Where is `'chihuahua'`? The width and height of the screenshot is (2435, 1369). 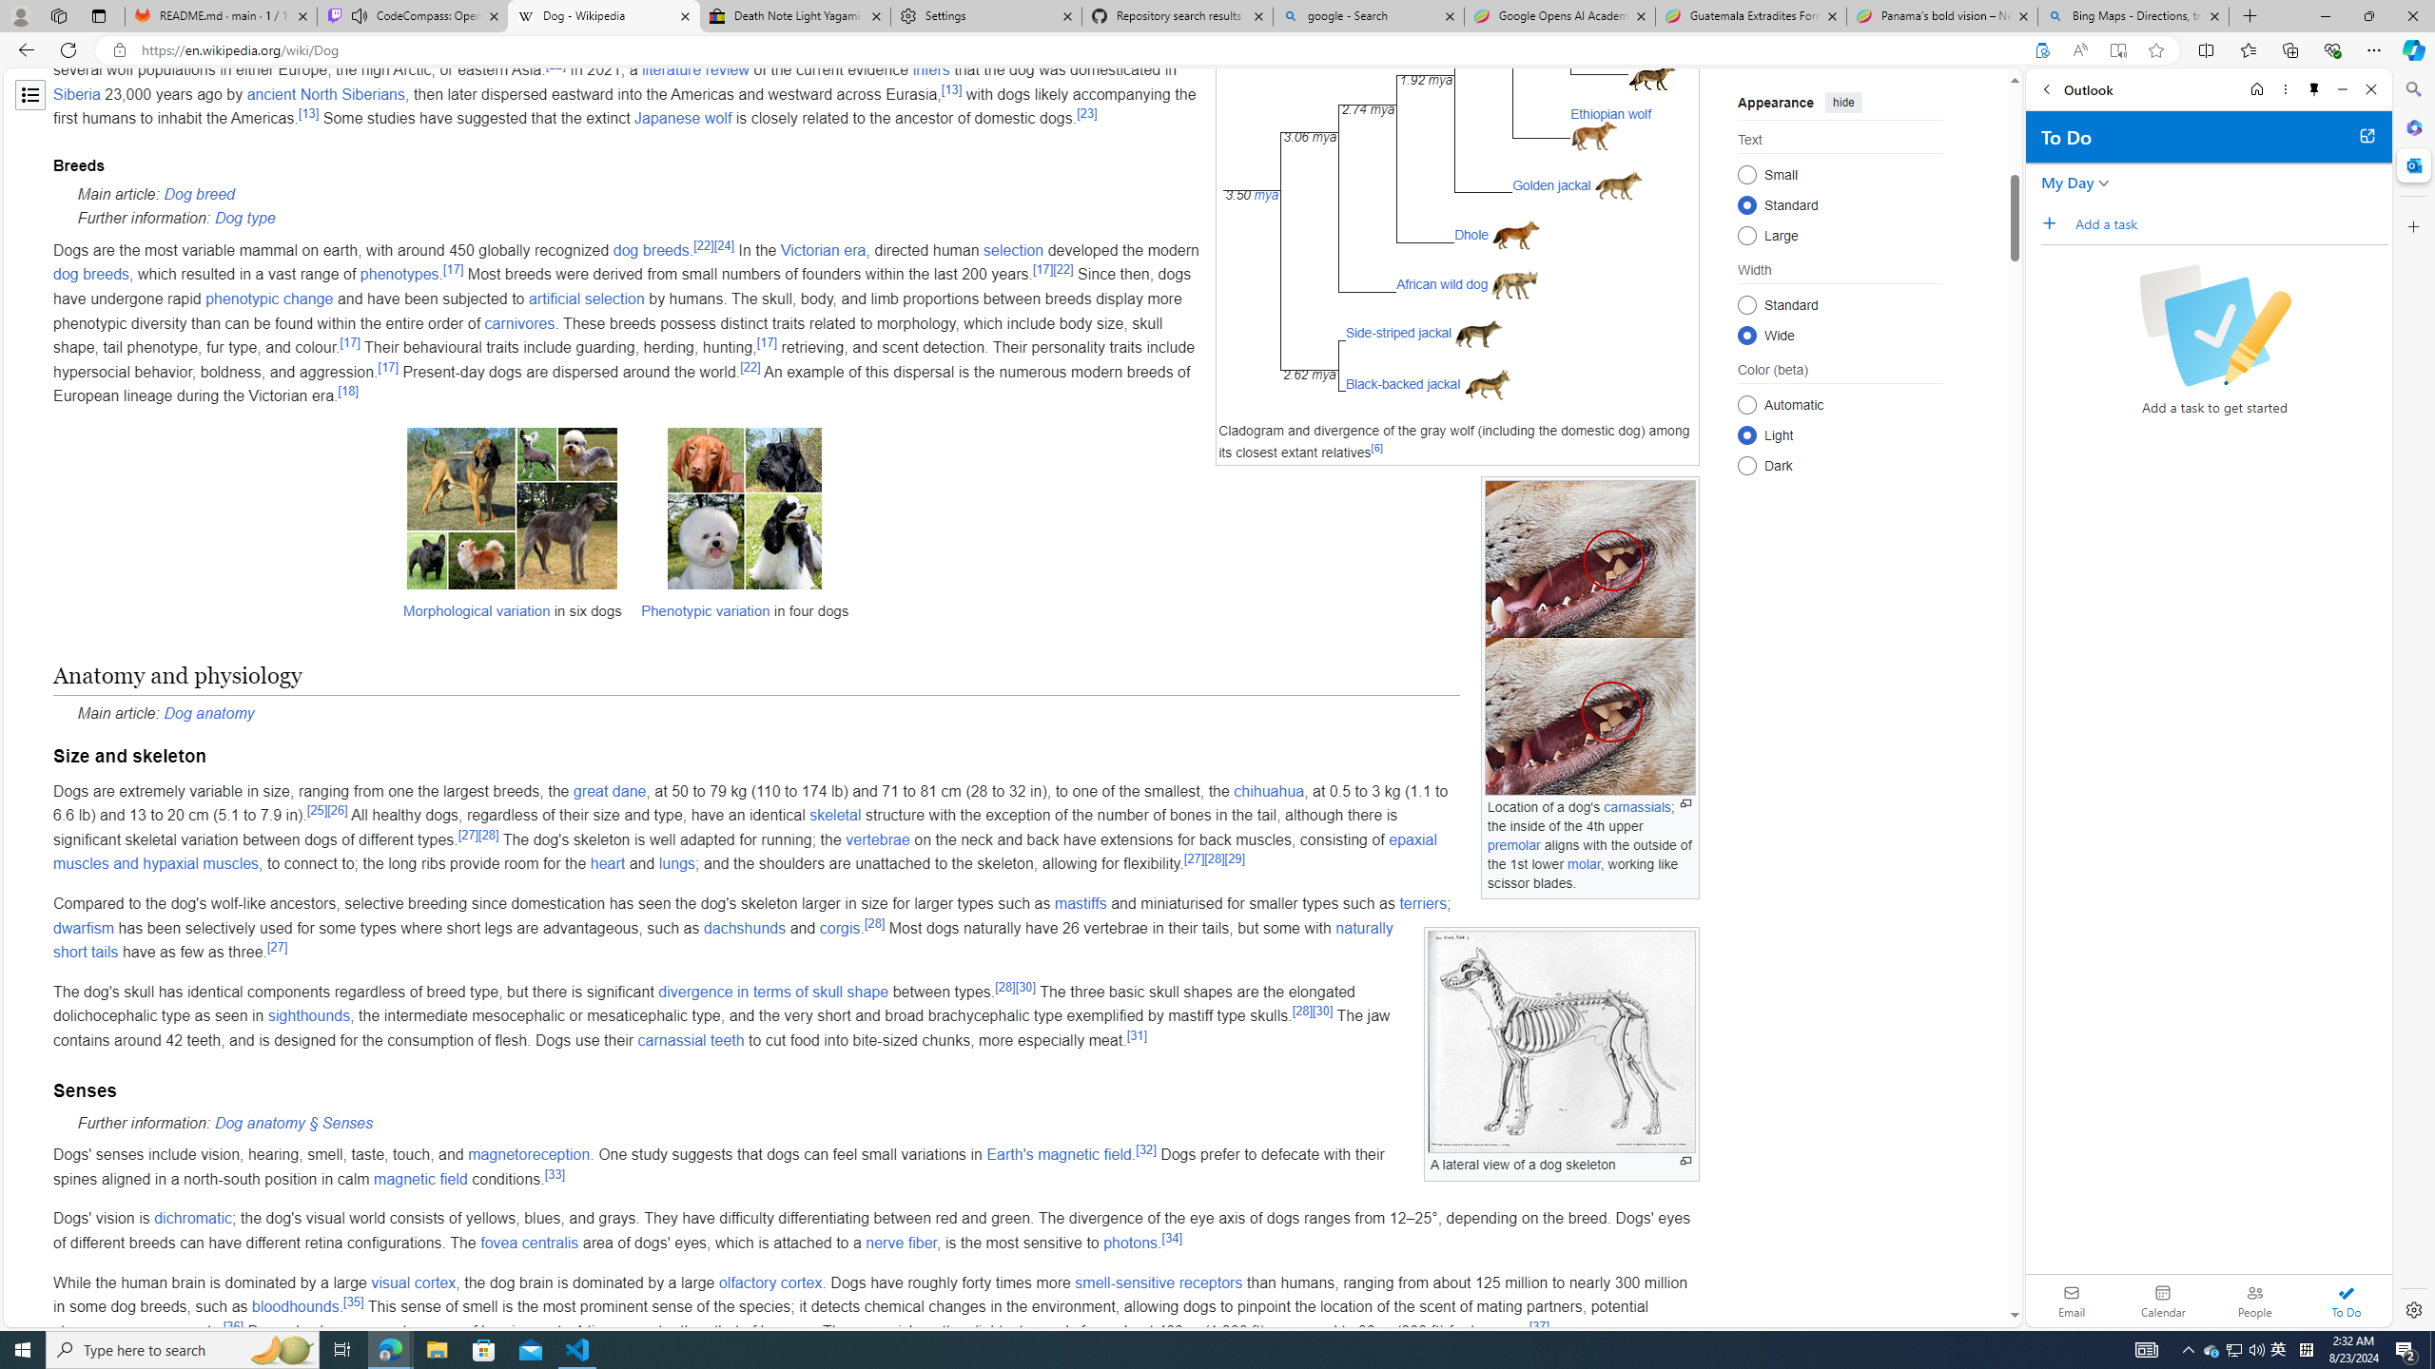
'chihuahua' is located at coordinates (1269, 790).